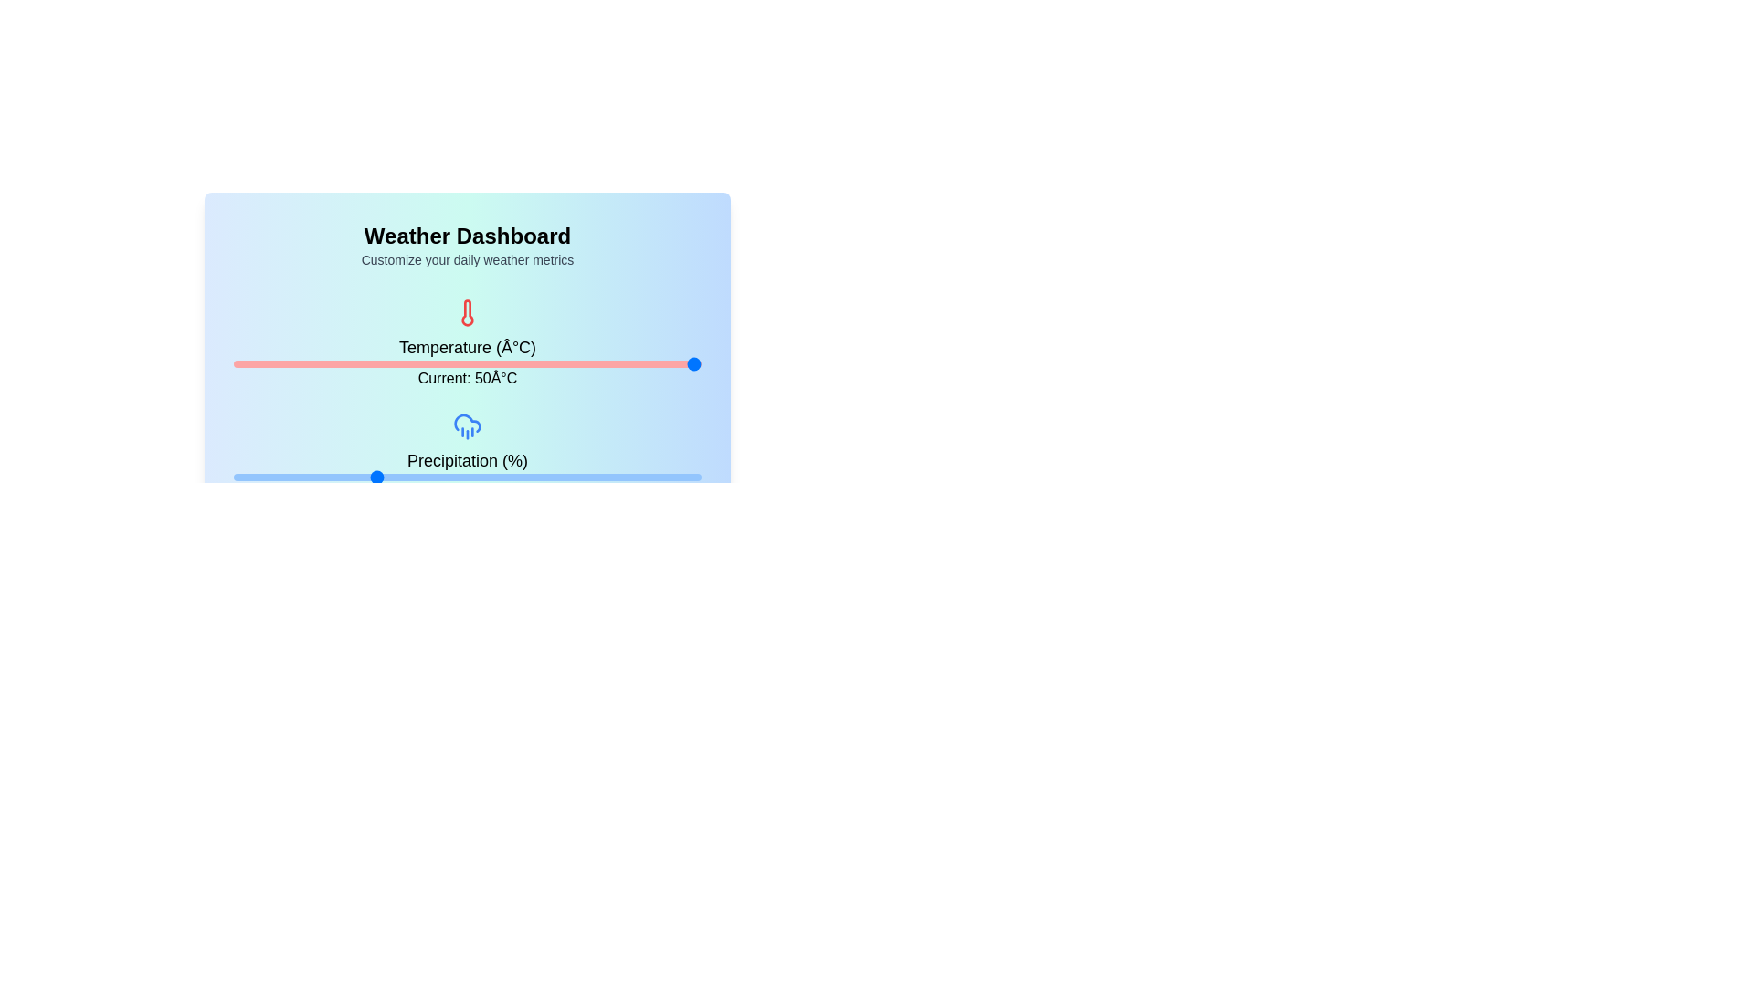 This screenshot has width=1754, height=986. What do you see at coordinates (433, 363) in the screenshot?
I see `temperature` at bounding box center [433, 363].